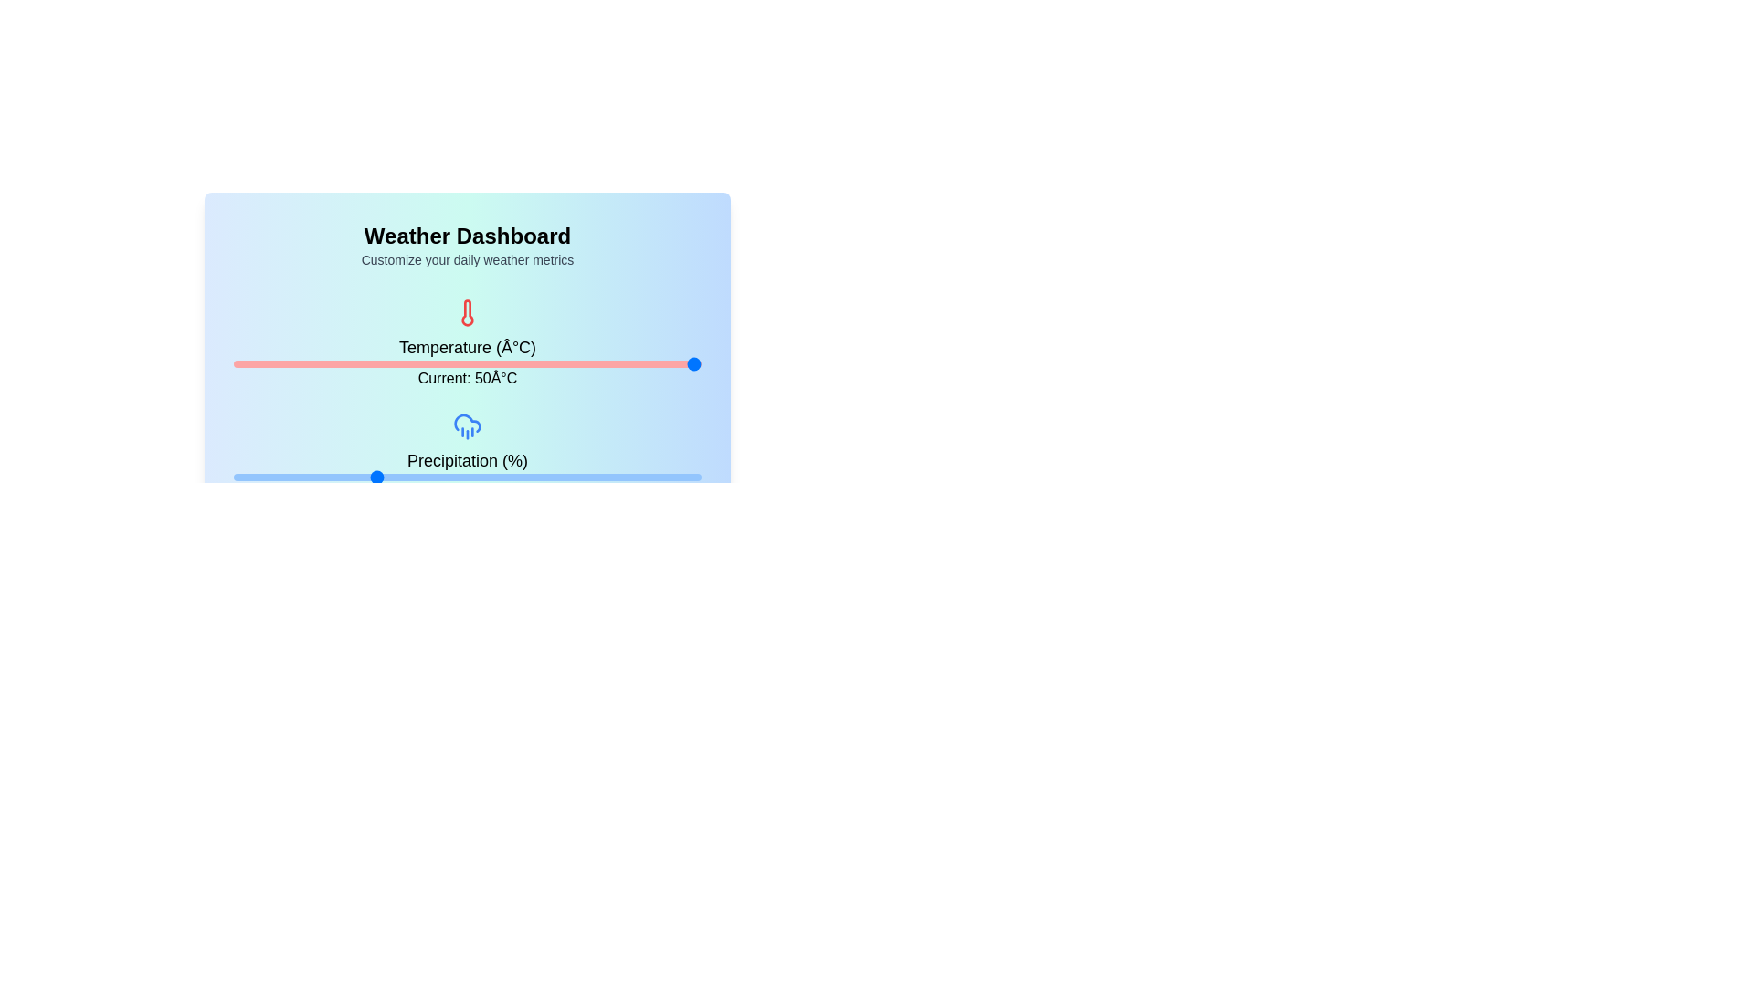 This screenshot has width=1754, height=986. What do you see at coordinates (433, 363) in the screenshot?
I see `temperature` at bounding box center [433, 363].